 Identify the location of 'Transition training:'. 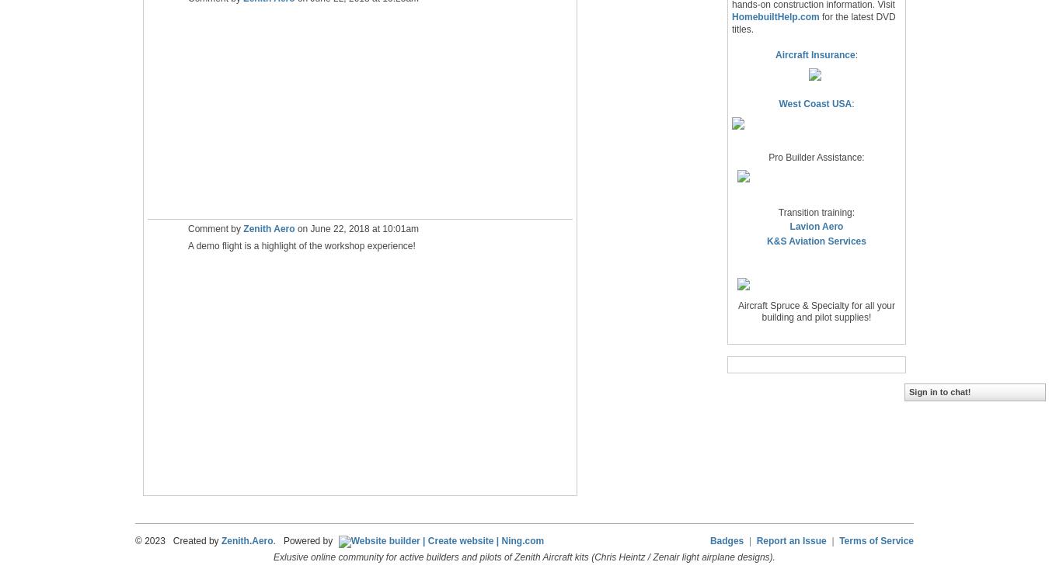
(816, 210).